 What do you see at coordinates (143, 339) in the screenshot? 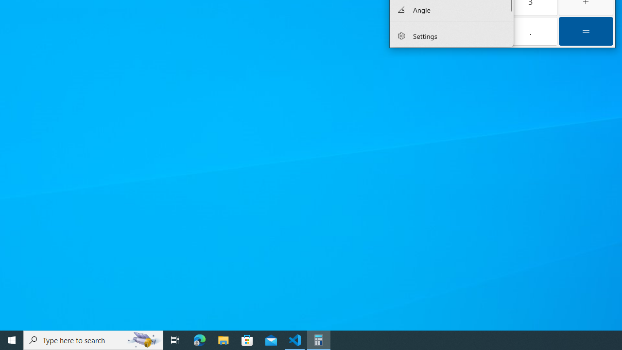
I see `'Search highlights icon opens search home window'` at bounding box center [143, 339].